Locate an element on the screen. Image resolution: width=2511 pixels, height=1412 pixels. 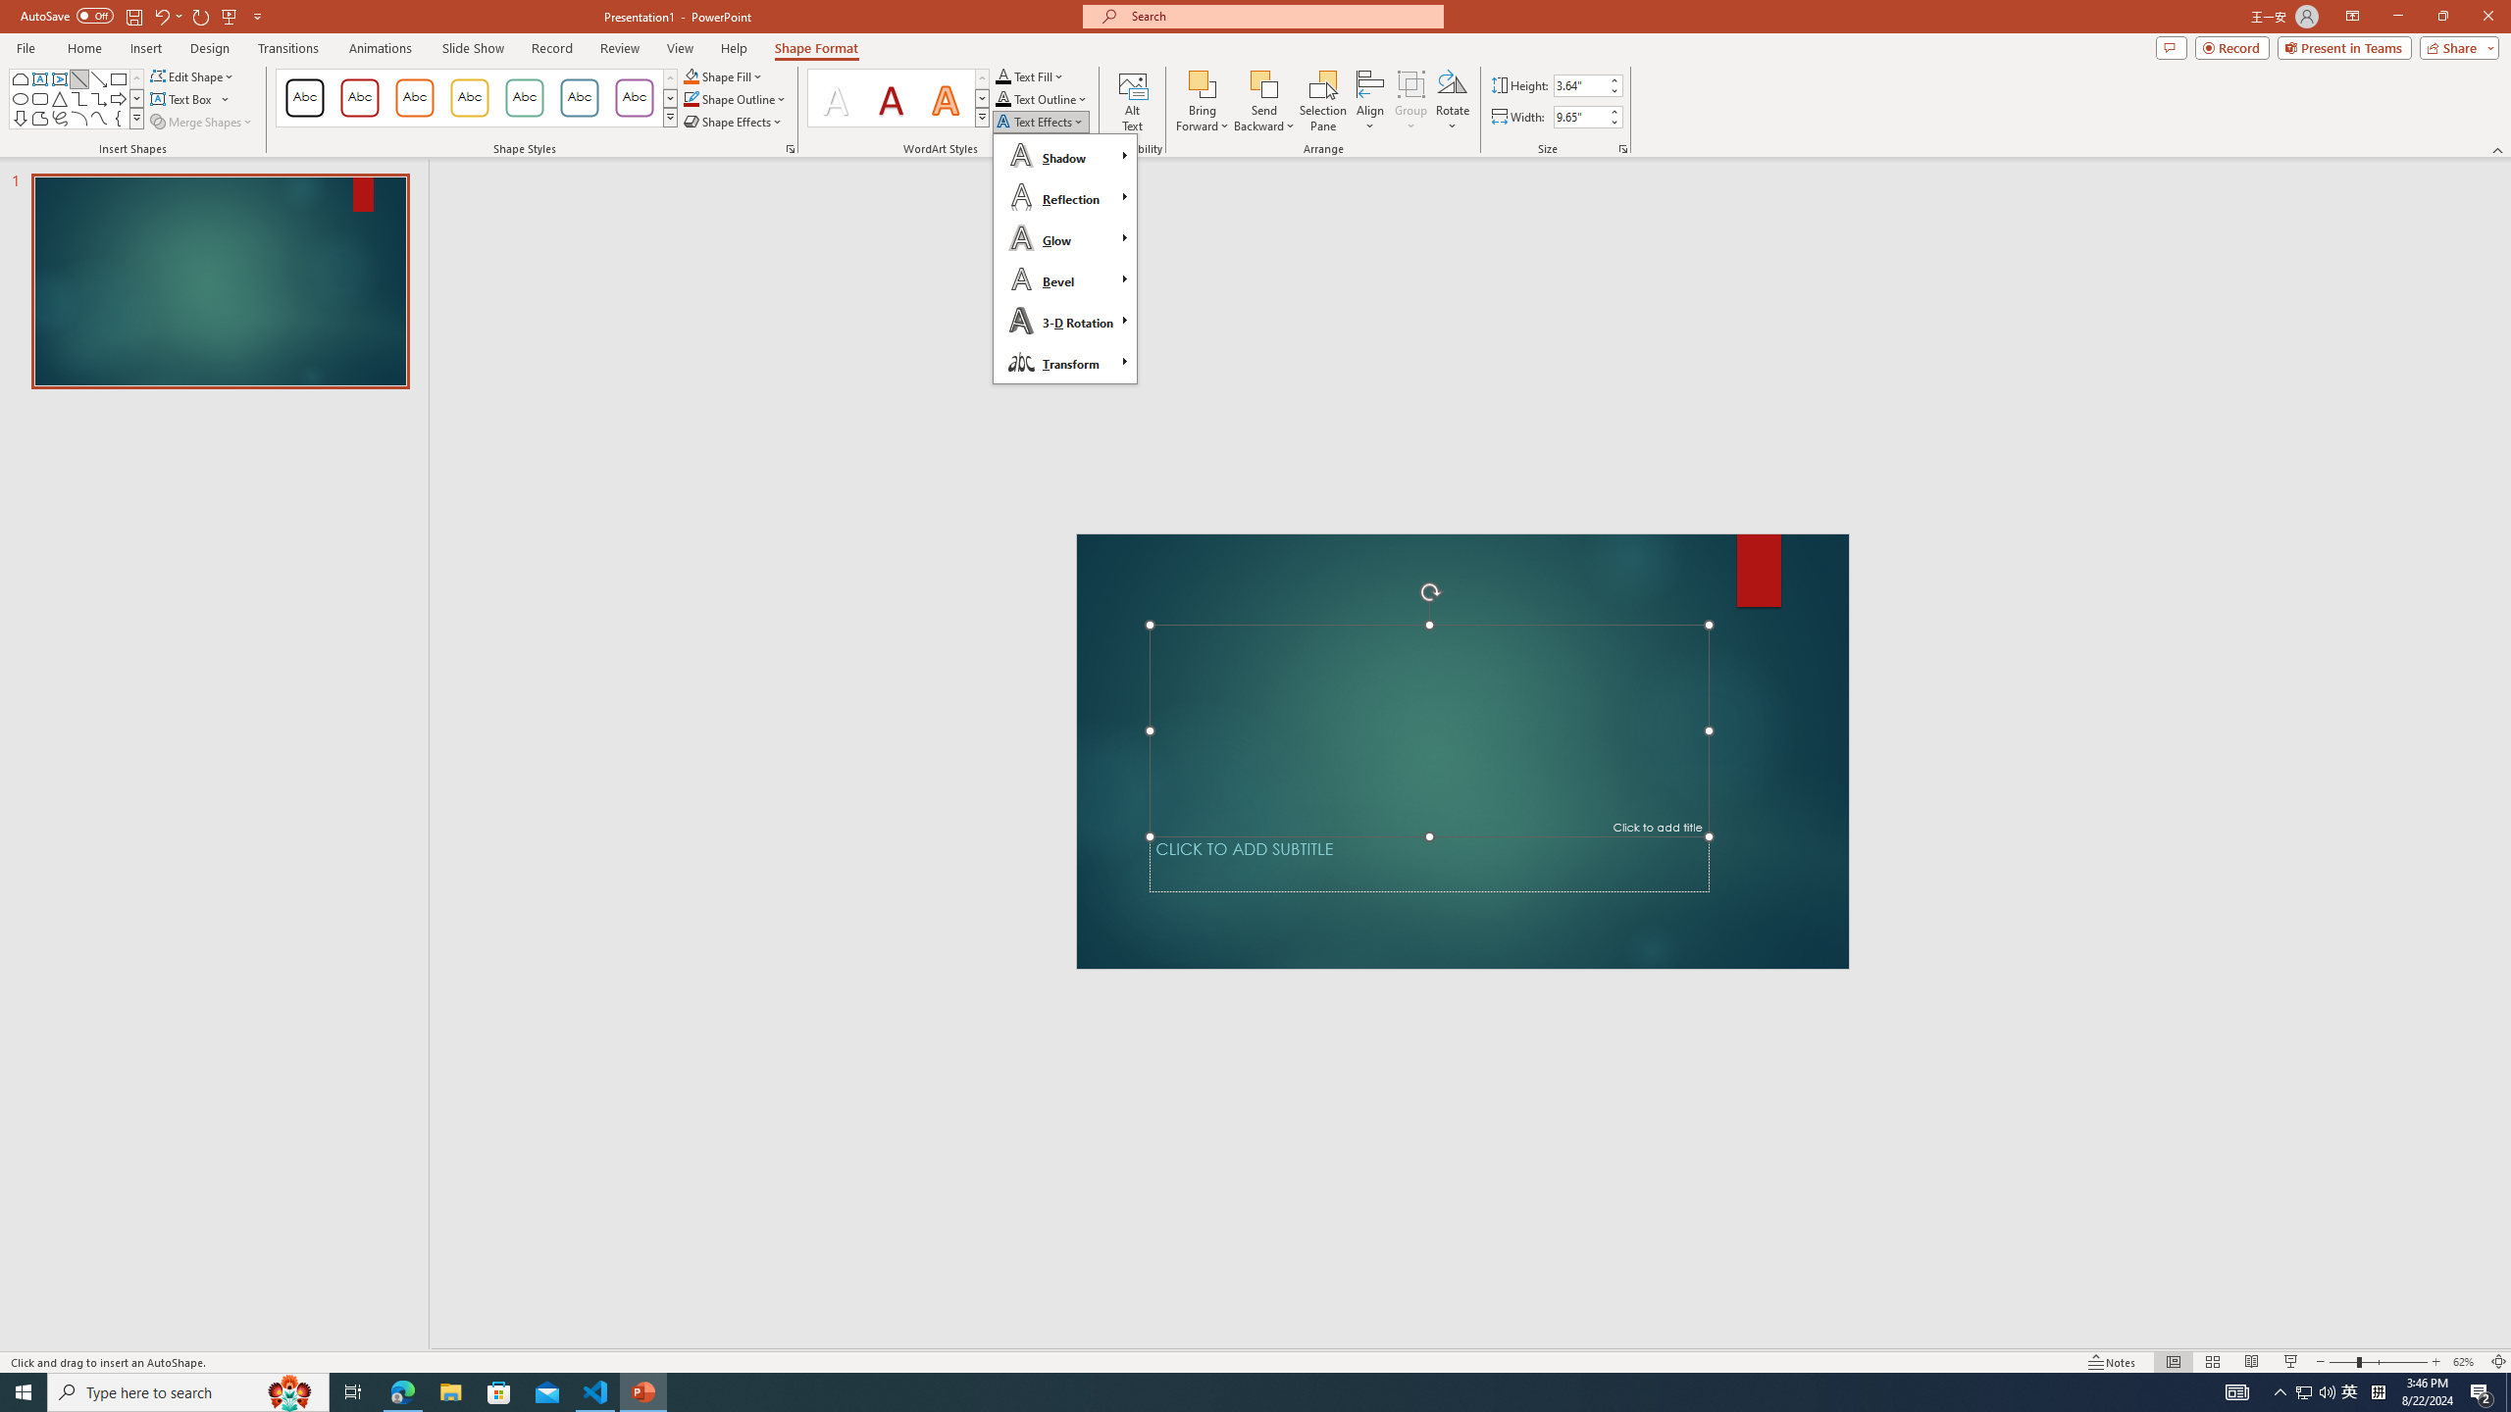
'Colored Outline - Green, Accent 4' is located at coordinates (524, 97).